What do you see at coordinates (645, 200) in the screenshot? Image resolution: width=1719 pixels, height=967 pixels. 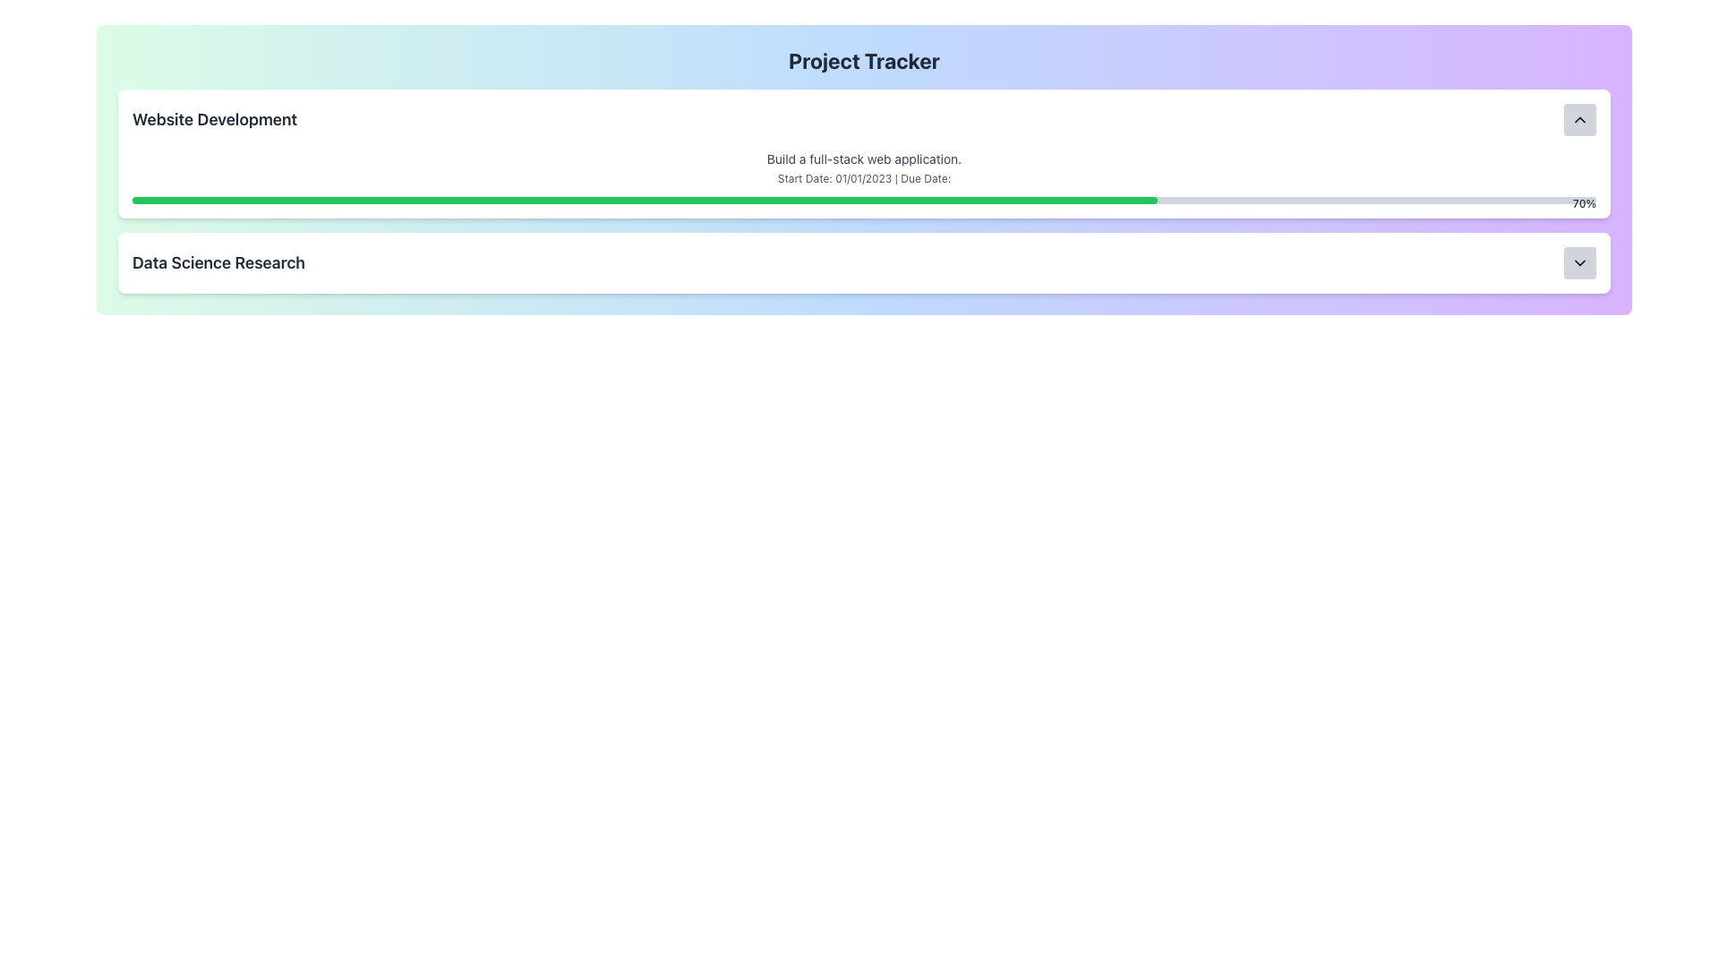 I see `the green-colored progress indicator bar within the 'Website Development' project section, which is located inside a light gray progress bar and spans approximately 70% of its width` at bounding box center [645, 200].